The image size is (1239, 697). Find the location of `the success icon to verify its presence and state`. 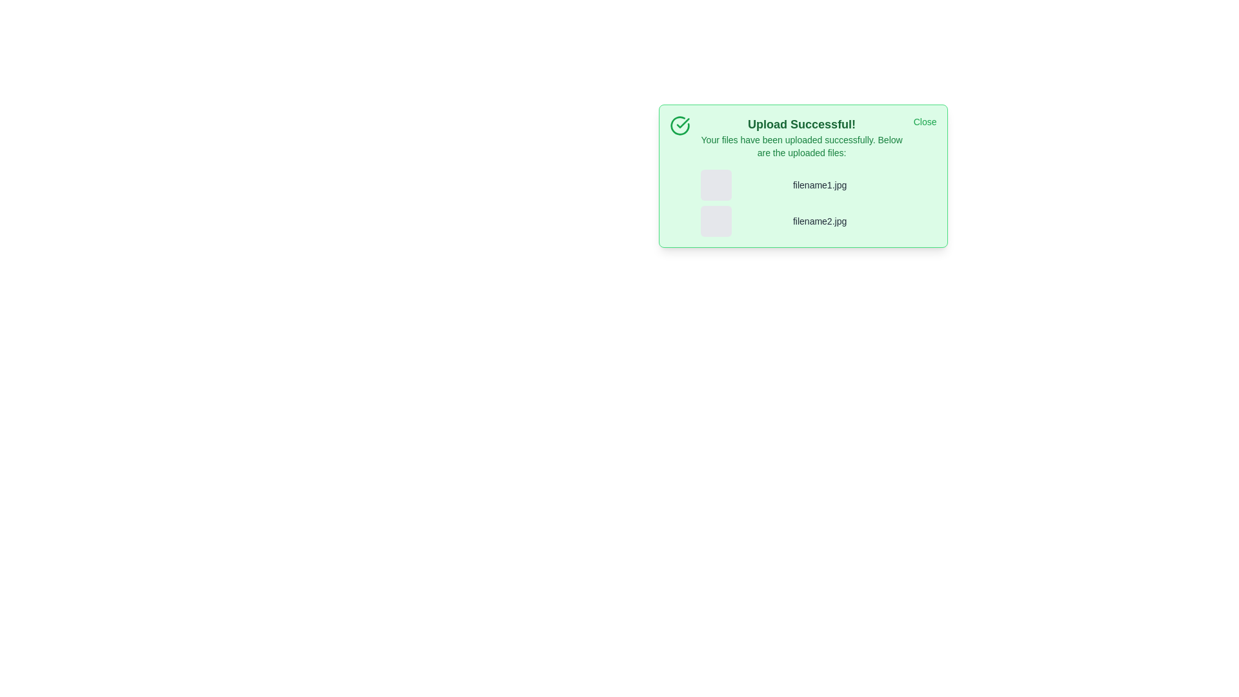

the success icon to verify its presence and state is located at coordinates (679, 126).